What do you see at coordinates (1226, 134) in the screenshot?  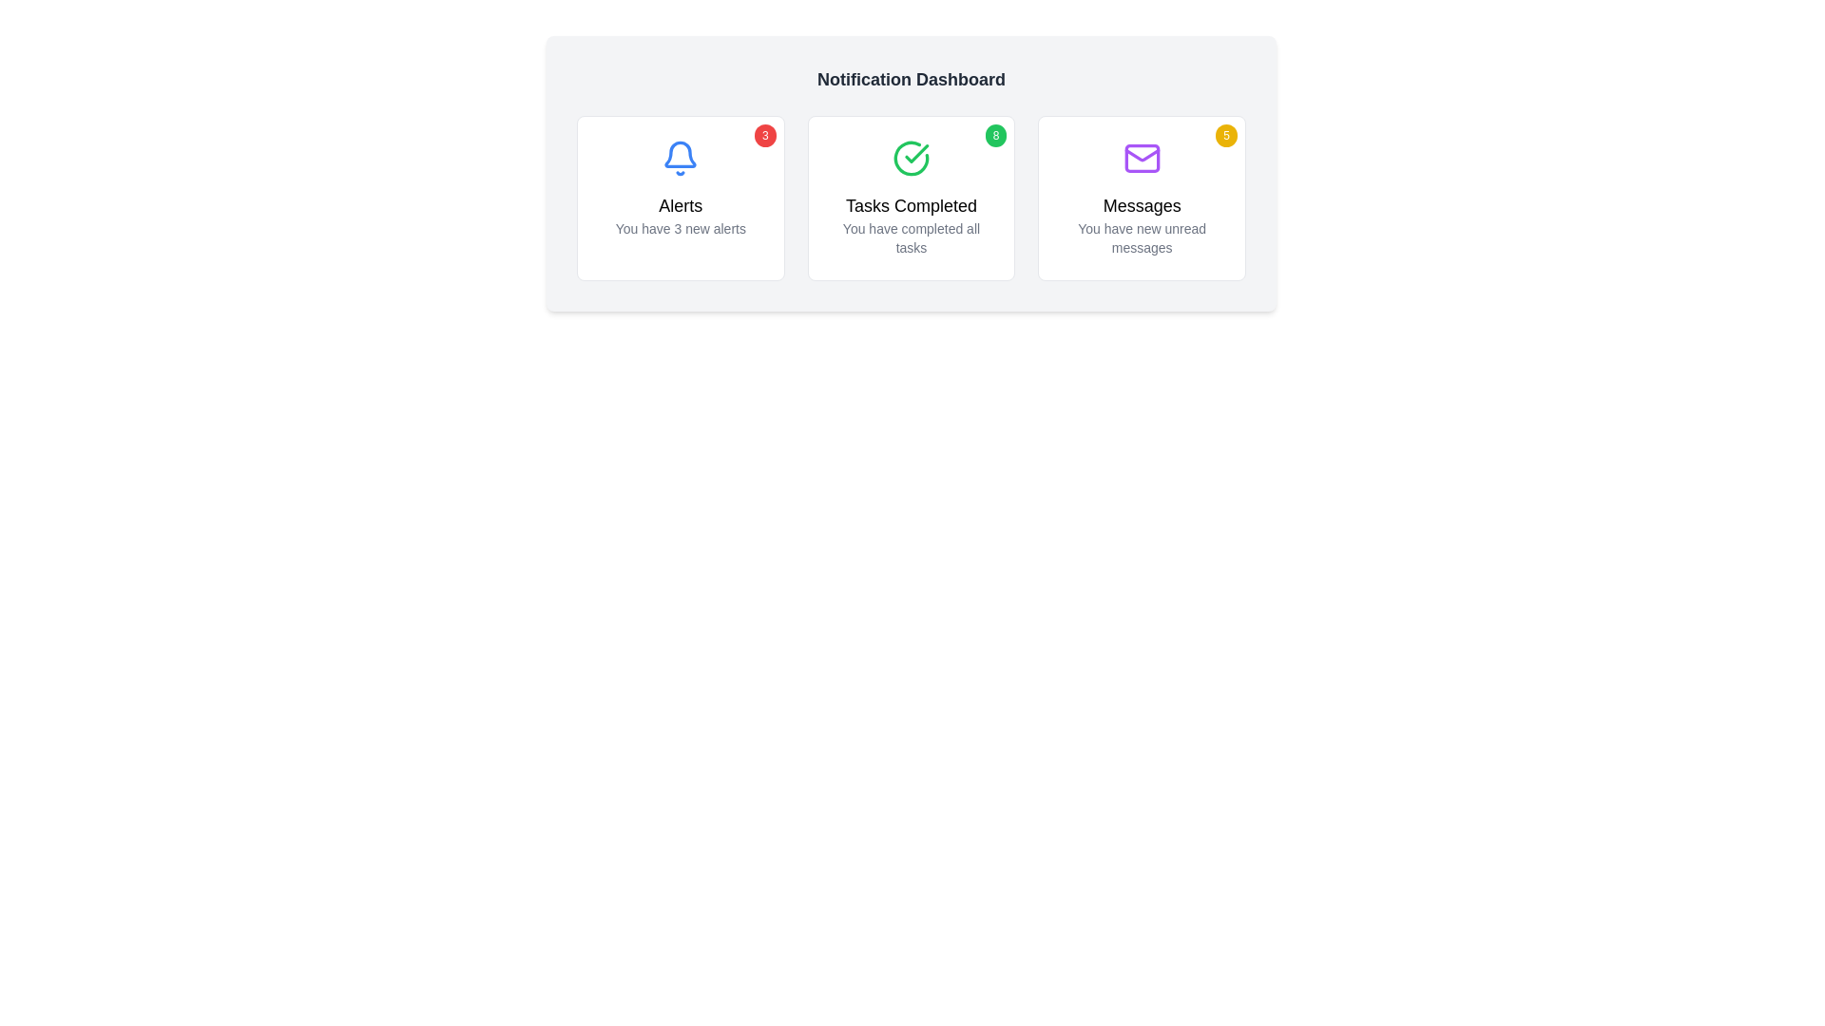 I see `the count displayed on the small circular badge with a vibrant yellow background and the white number '5' centered within, located at the top-right corner of the 'Messages' card in the 'Notification Dashboard'` at bounding box center [1226, 134].